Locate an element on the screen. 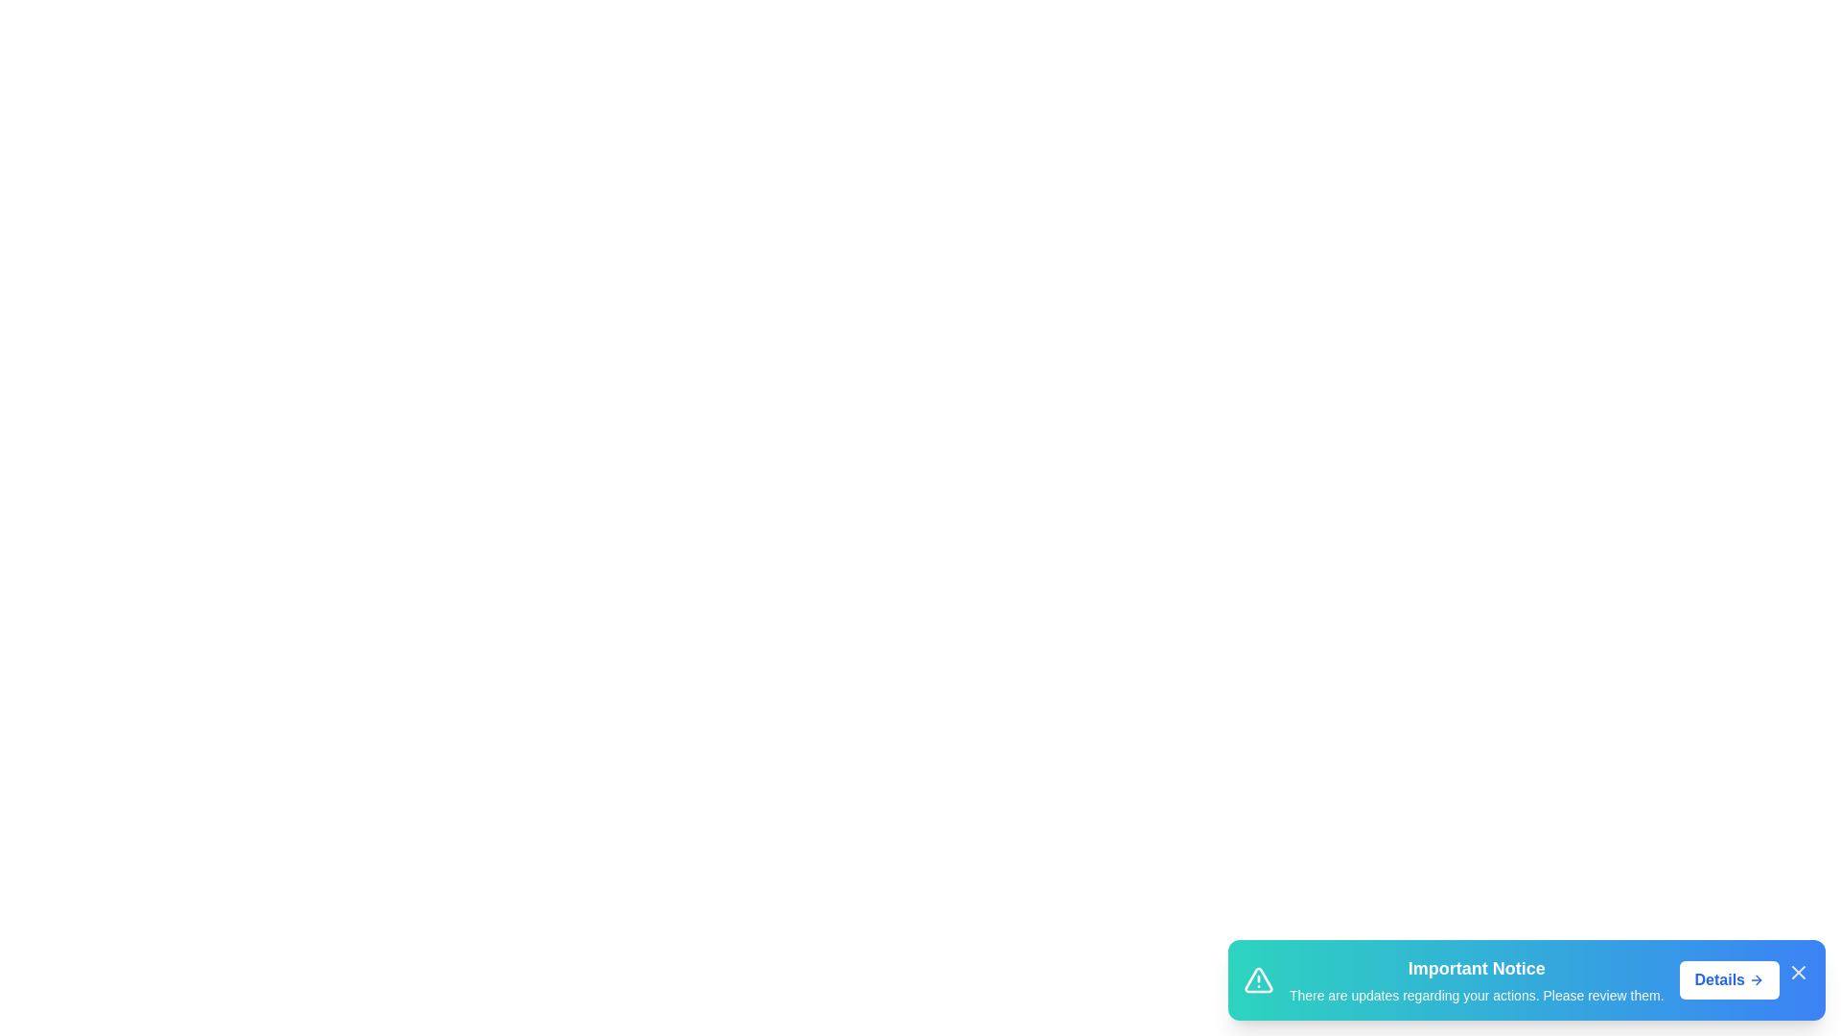 The image size is (1841, 1036). the 'Details' button to view more details is located at coordinates (1729, 980).